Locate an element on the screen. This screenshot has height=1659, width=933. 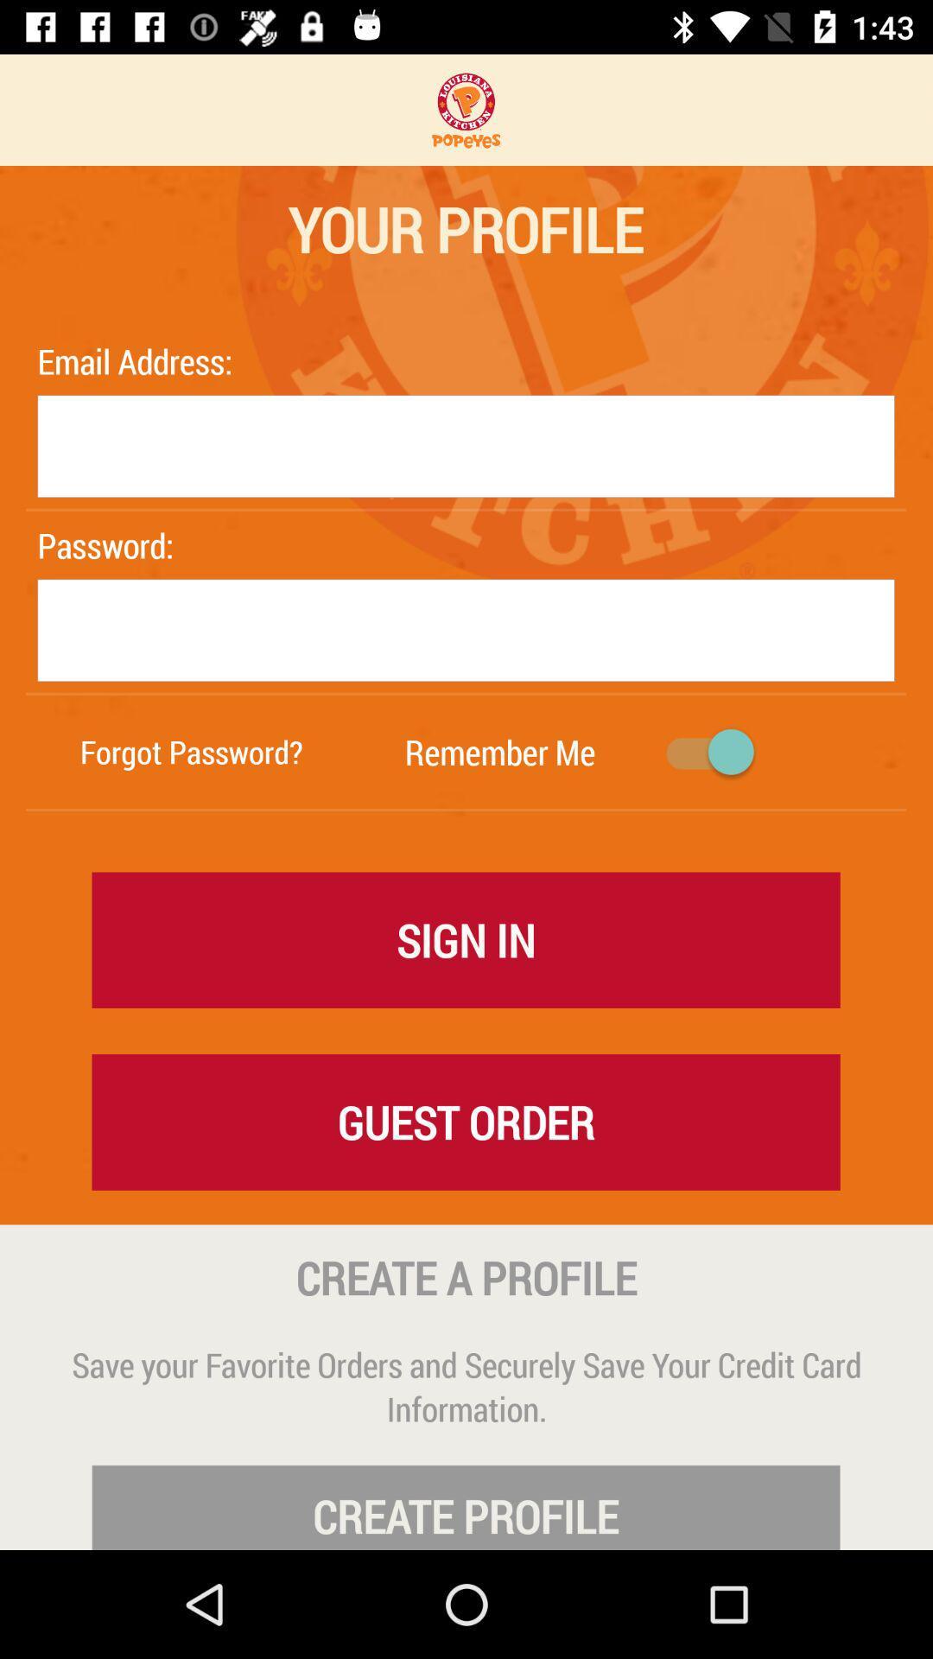
the item next to the remember me is located at coordinates (192, 752).